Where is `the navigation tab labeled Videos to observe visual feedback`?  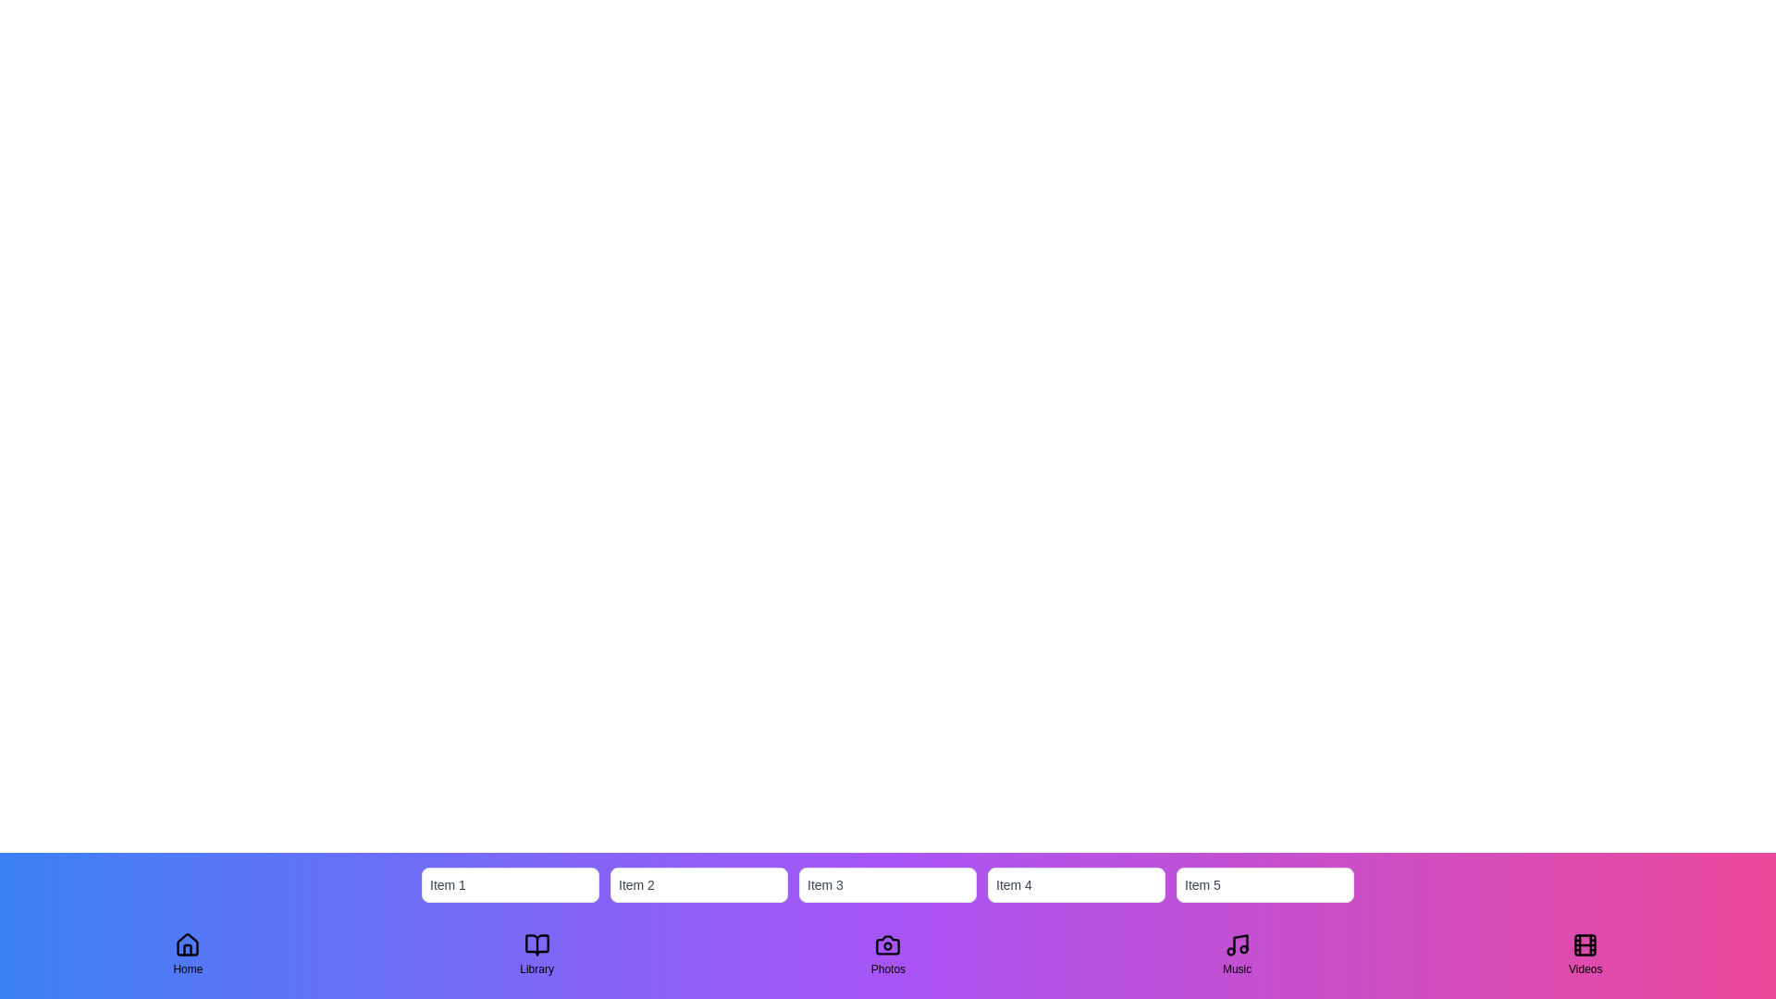 the navigation tab labeled Videos to observe visual feedback is located at coordinates (1585, 955).